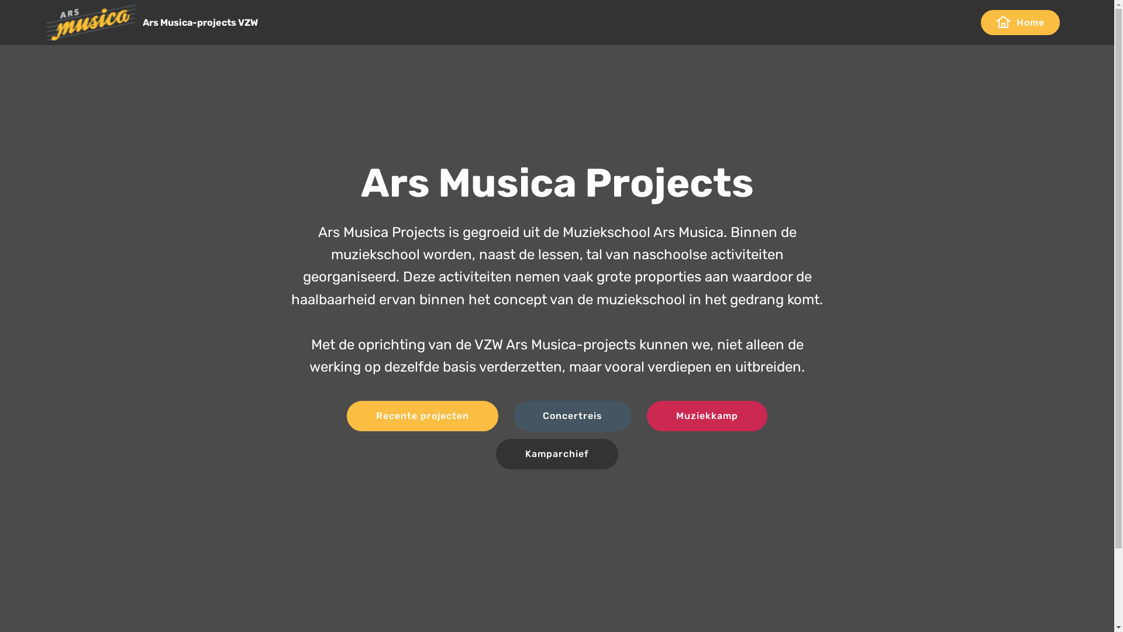  Describe the element at coordinates (422, 415) in the screenshot. I see `'Recente projecten'` at that location.